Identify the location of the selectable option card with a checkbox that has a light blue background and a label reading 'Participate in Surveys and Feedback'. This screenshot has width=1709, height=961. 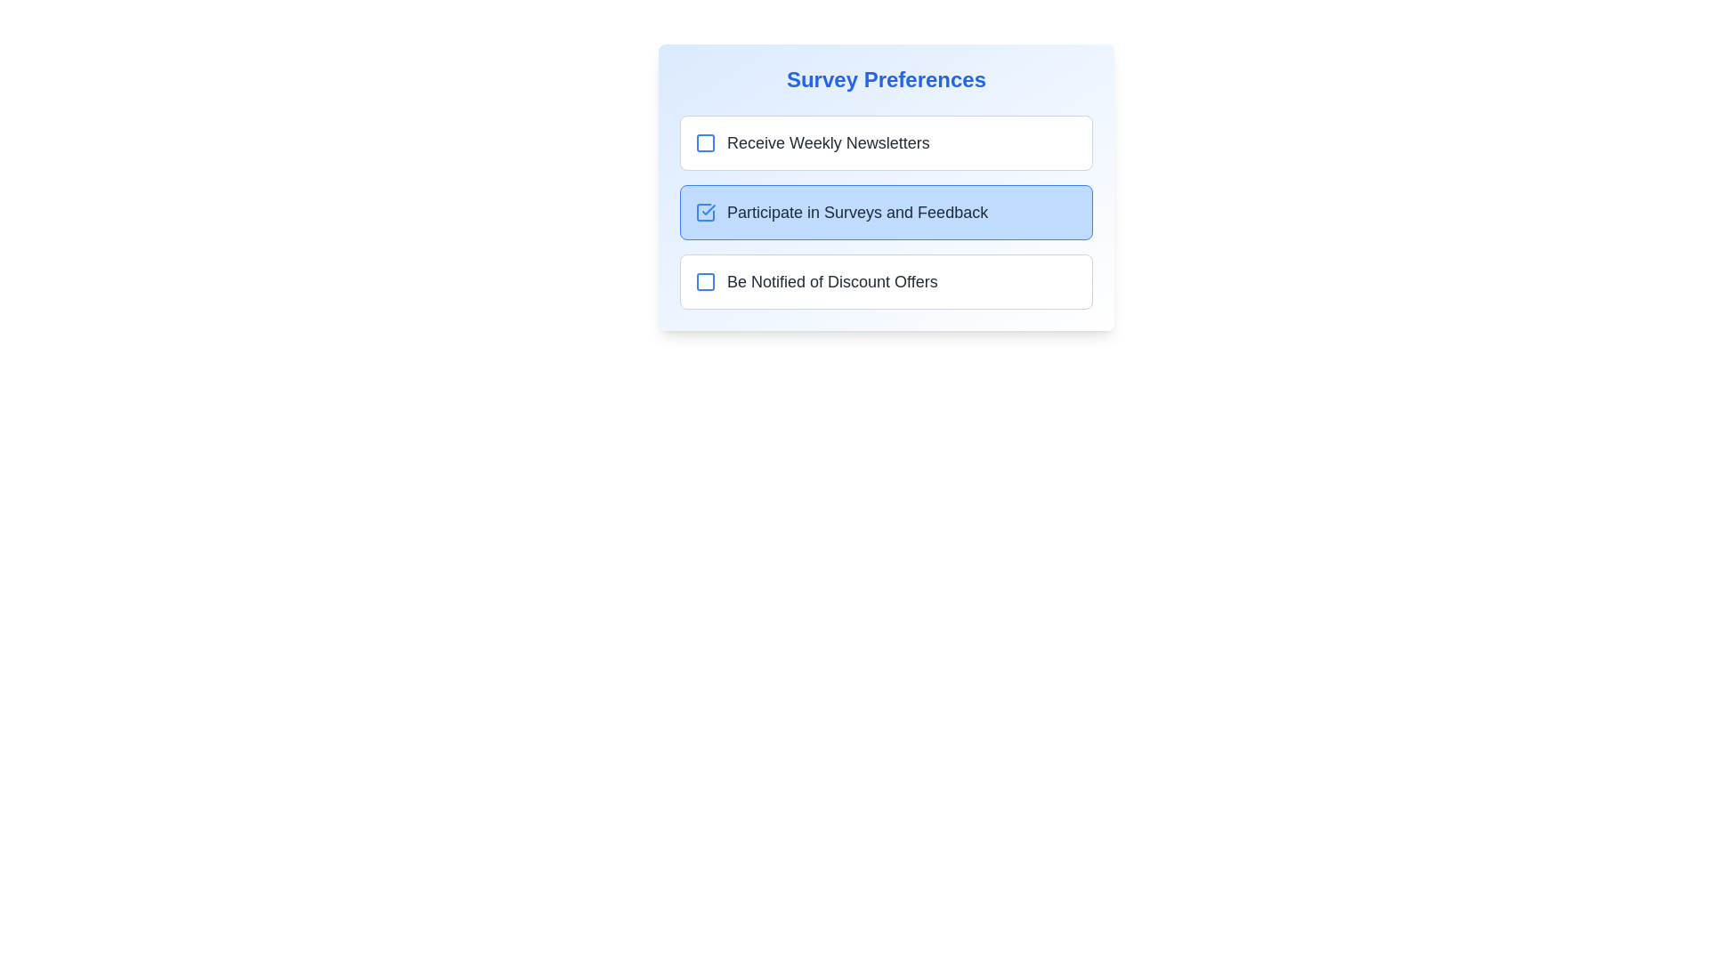
(887, 212).